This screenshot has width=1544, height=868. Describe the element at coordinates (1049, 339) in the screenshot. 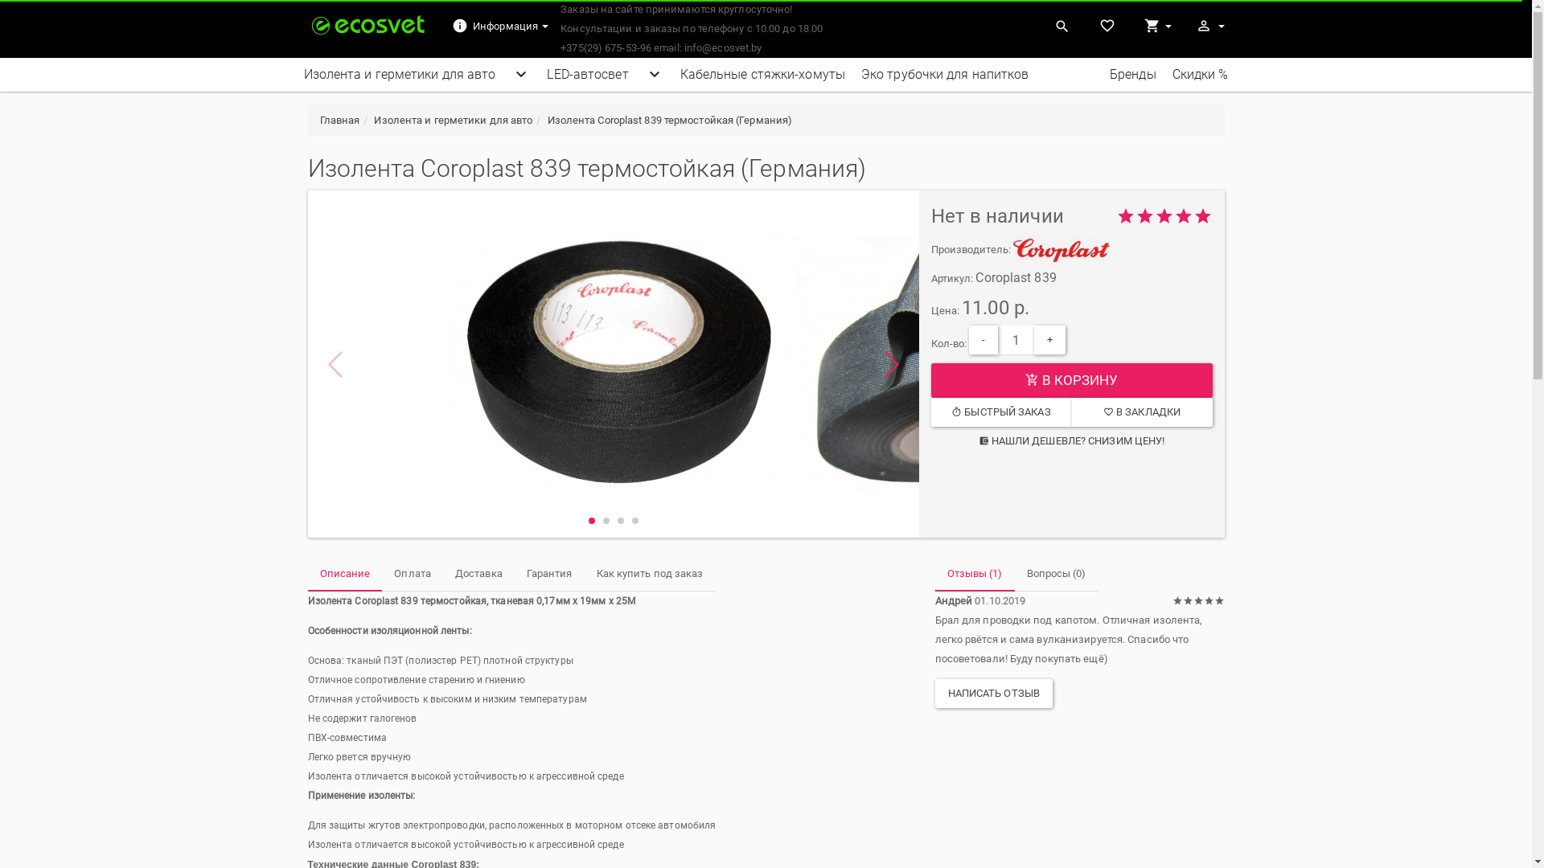

I see `'+'` at that location.